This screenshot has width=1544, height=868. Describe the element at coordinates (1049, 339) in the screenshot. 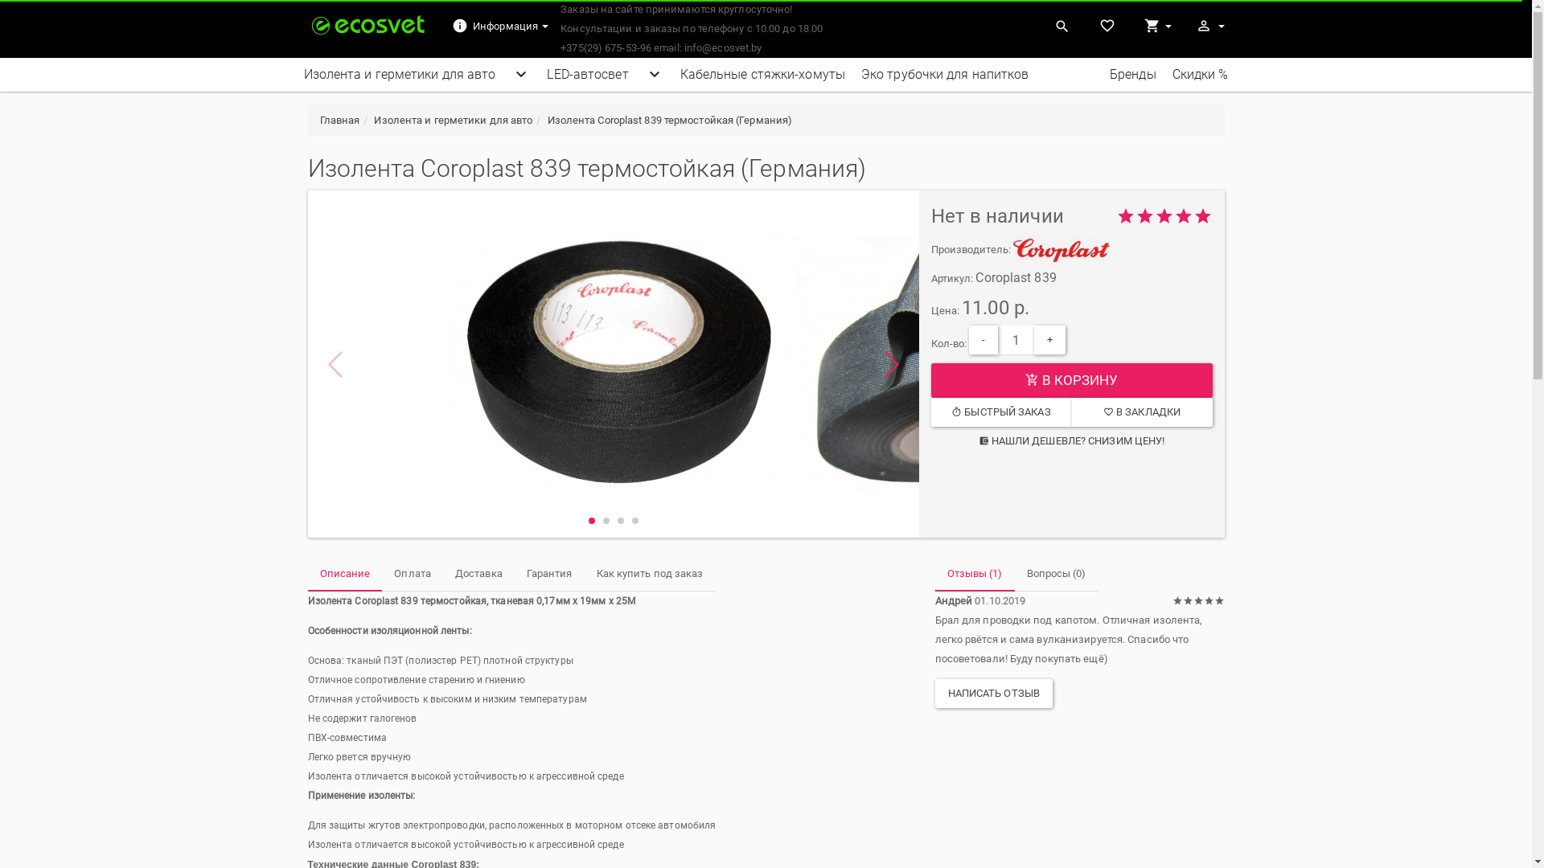

I see `'+'` at that location.